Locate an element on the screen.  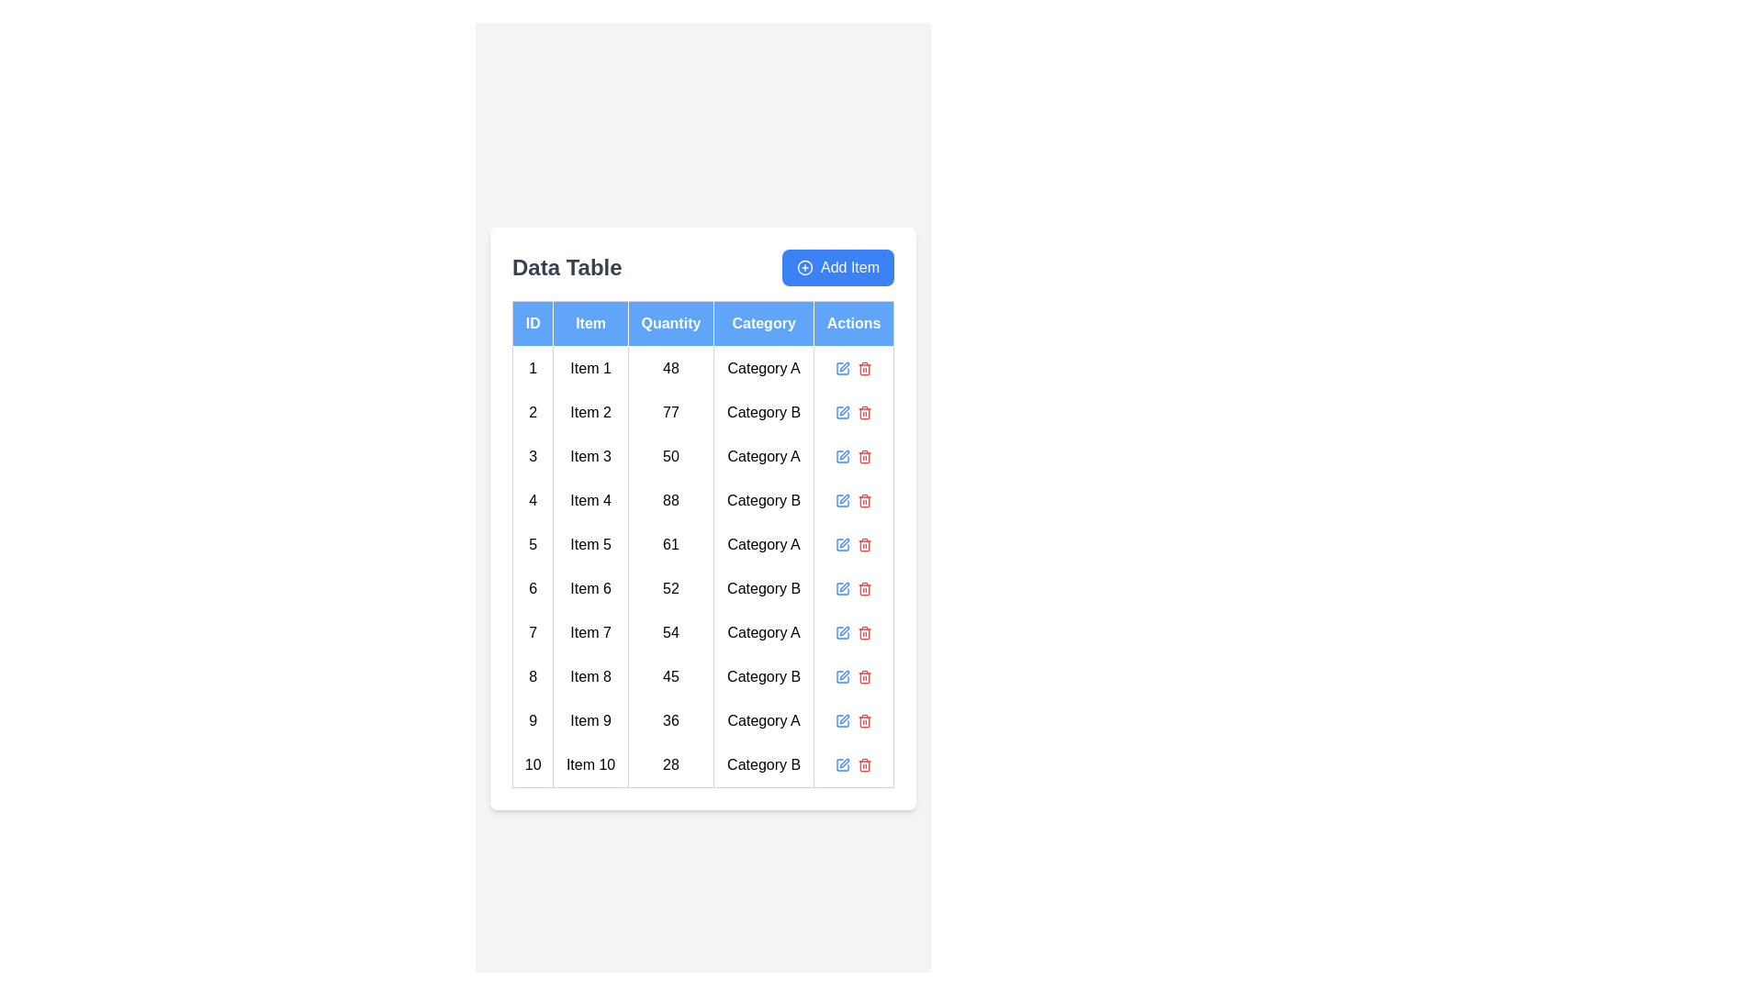
text content displayed in the Text label that shows 'Item 10' in the last row of the data table under the 'Item' column is located at coordinates (590, 764).